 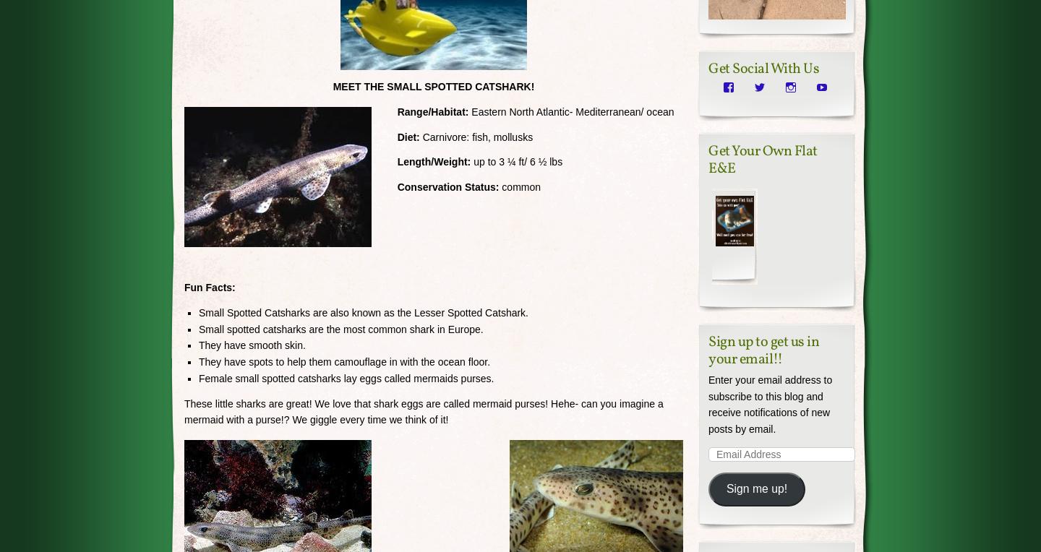 What do you see at coordinates (770, 404) in the screenshot?
I see `'Enter your email address to subscribe to this blog and receive notifications of new posts by email.'` at bounding box center [770, 404].